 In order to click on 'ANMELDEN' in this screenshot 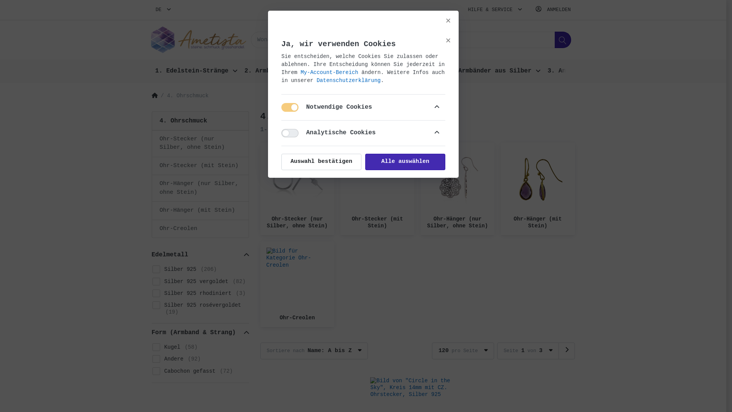, I will do `click(553, 10)`.